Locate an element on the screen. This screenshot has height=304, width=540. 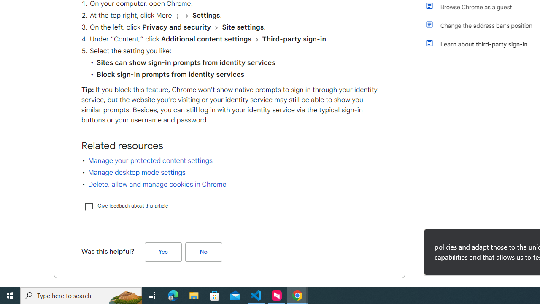
'Manage your protected content settings' is located at coordinates (150, 160).